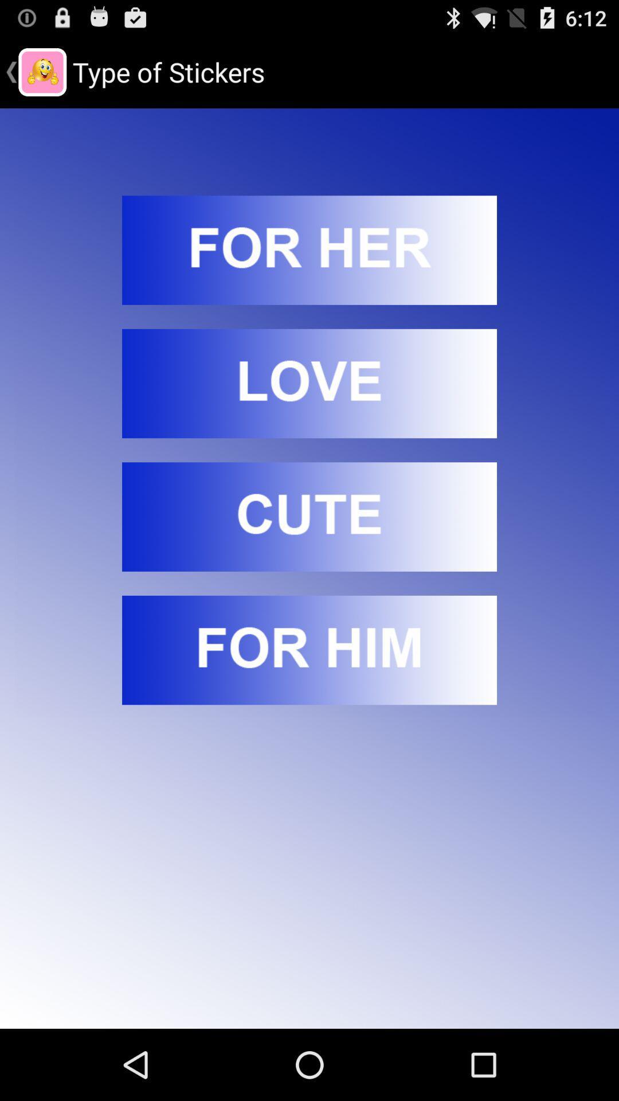  Describe the element at coordinates (309, 516) in the screenshot. I see `cute sticker` at that location.